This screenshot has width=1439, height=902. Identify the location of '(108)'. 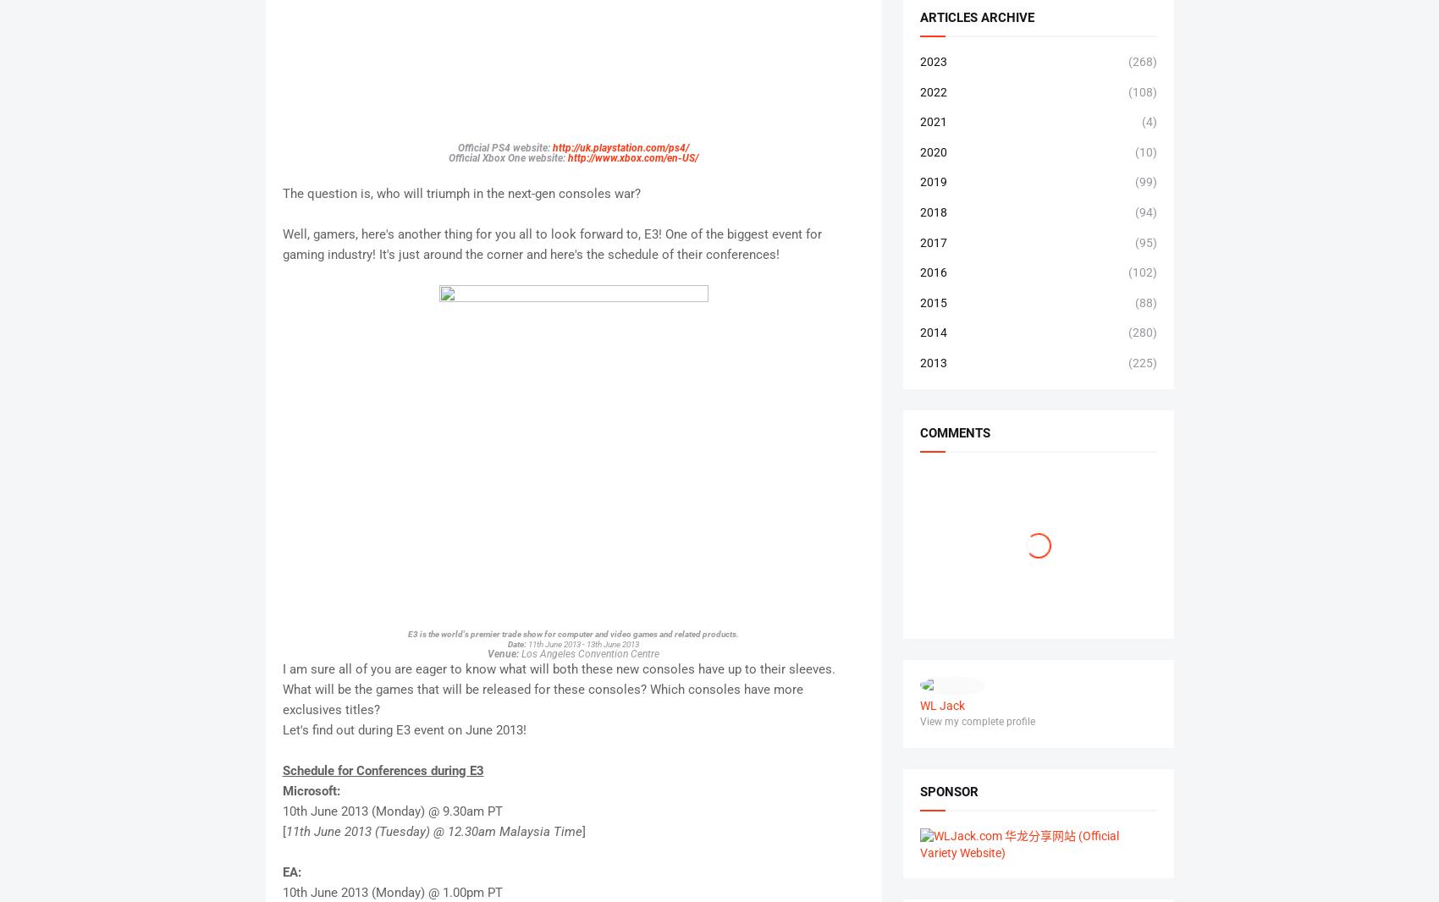
(1141, 90).